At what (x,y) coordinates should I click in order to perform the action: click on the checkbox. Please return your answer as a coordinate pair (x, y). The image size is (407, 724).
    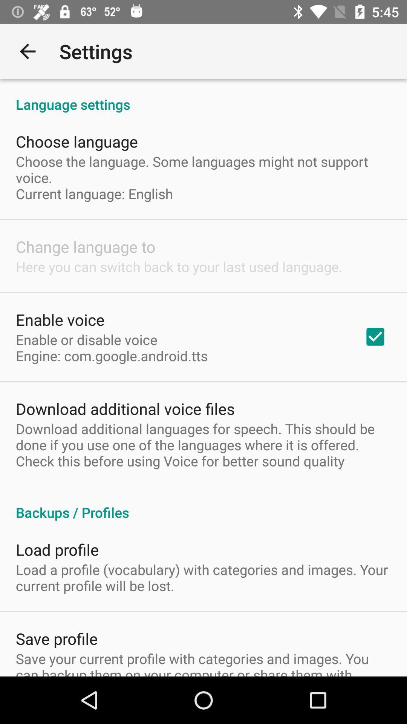
    Looking at the image, I should click on (375, 336).